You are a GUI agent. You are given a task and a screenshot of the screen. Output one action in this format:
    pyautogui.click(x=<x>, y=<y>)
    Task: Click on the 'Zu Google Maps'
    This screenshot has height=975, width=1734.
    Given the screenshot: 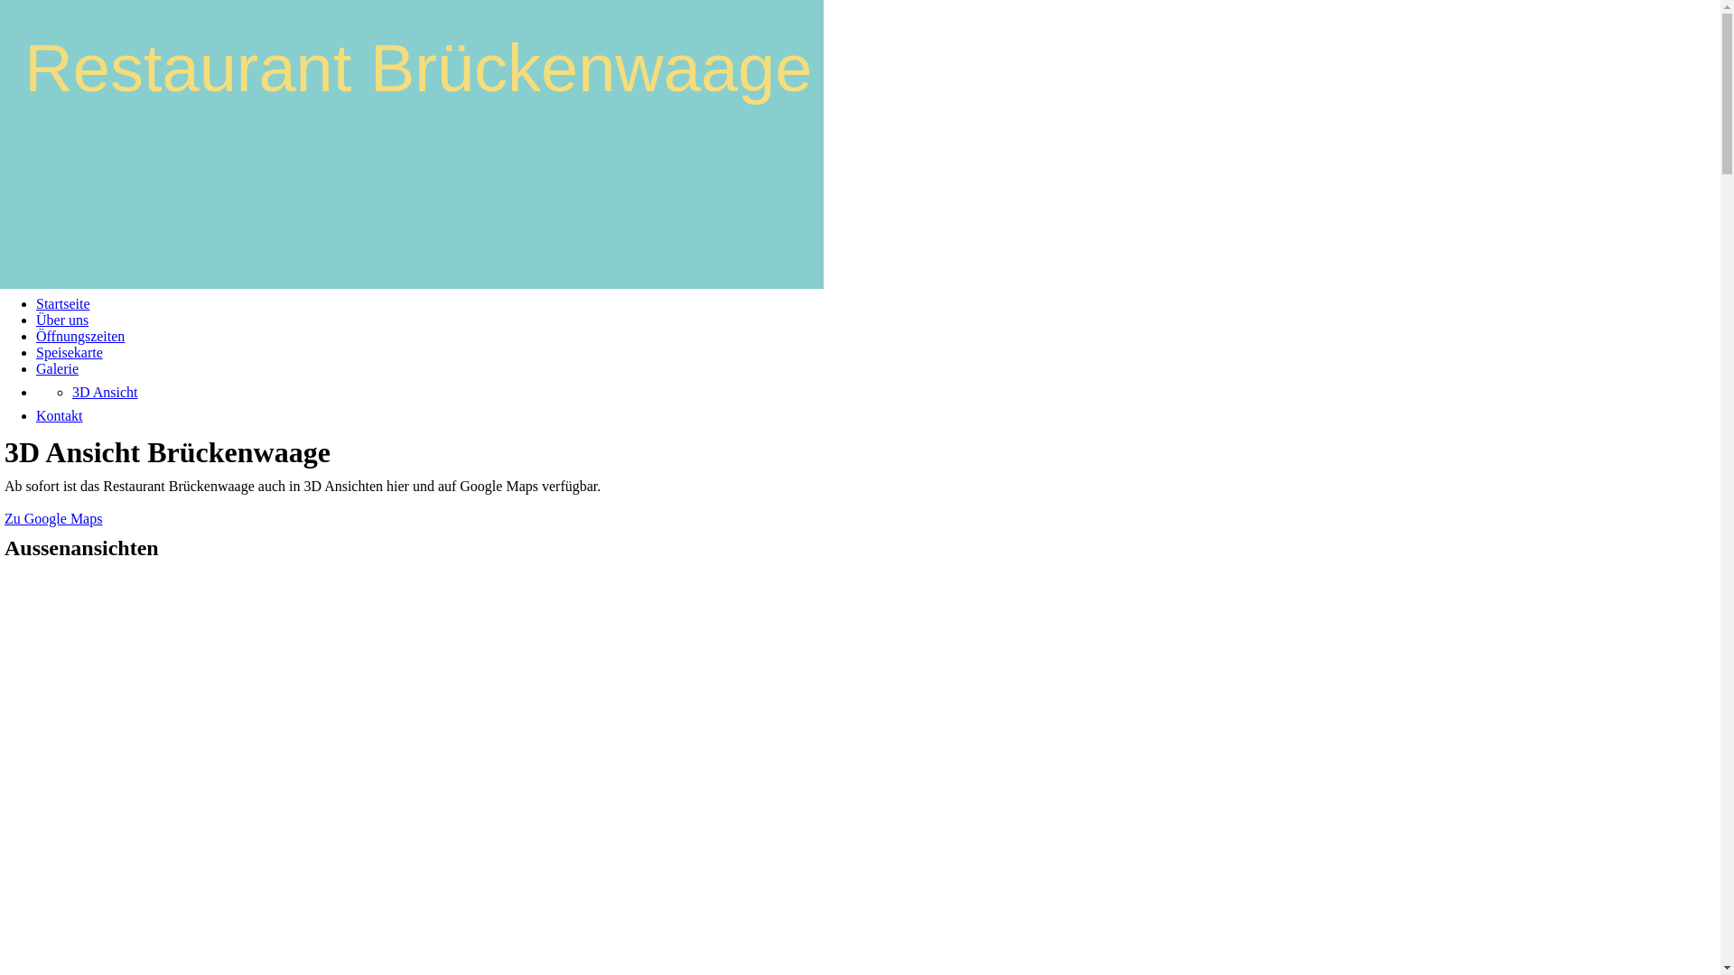 What is the action you would take?
    pyautogui.click(x=52, y=518)
    